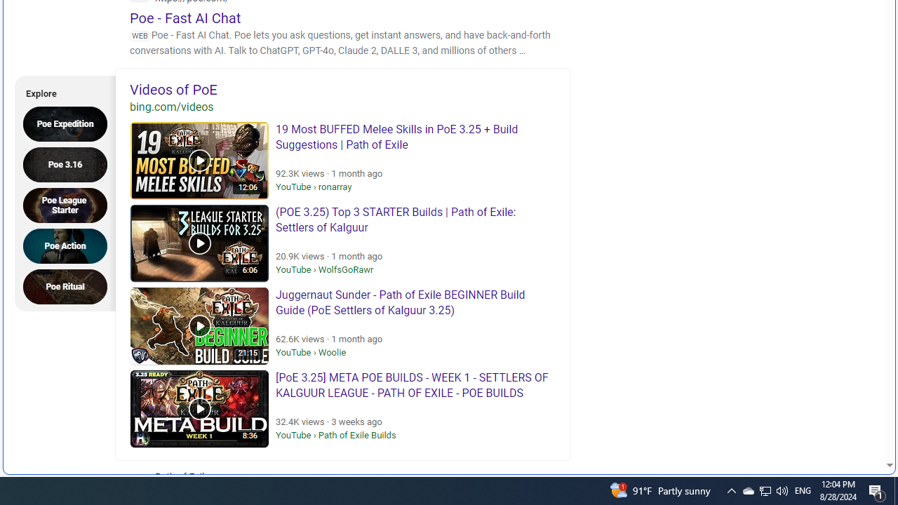 This screenshot has width=898, height=505. What do you see at coordinates (69, 163) in the screenshot?
I see `'Poe 3.16'` at bounding box center [69, 163].